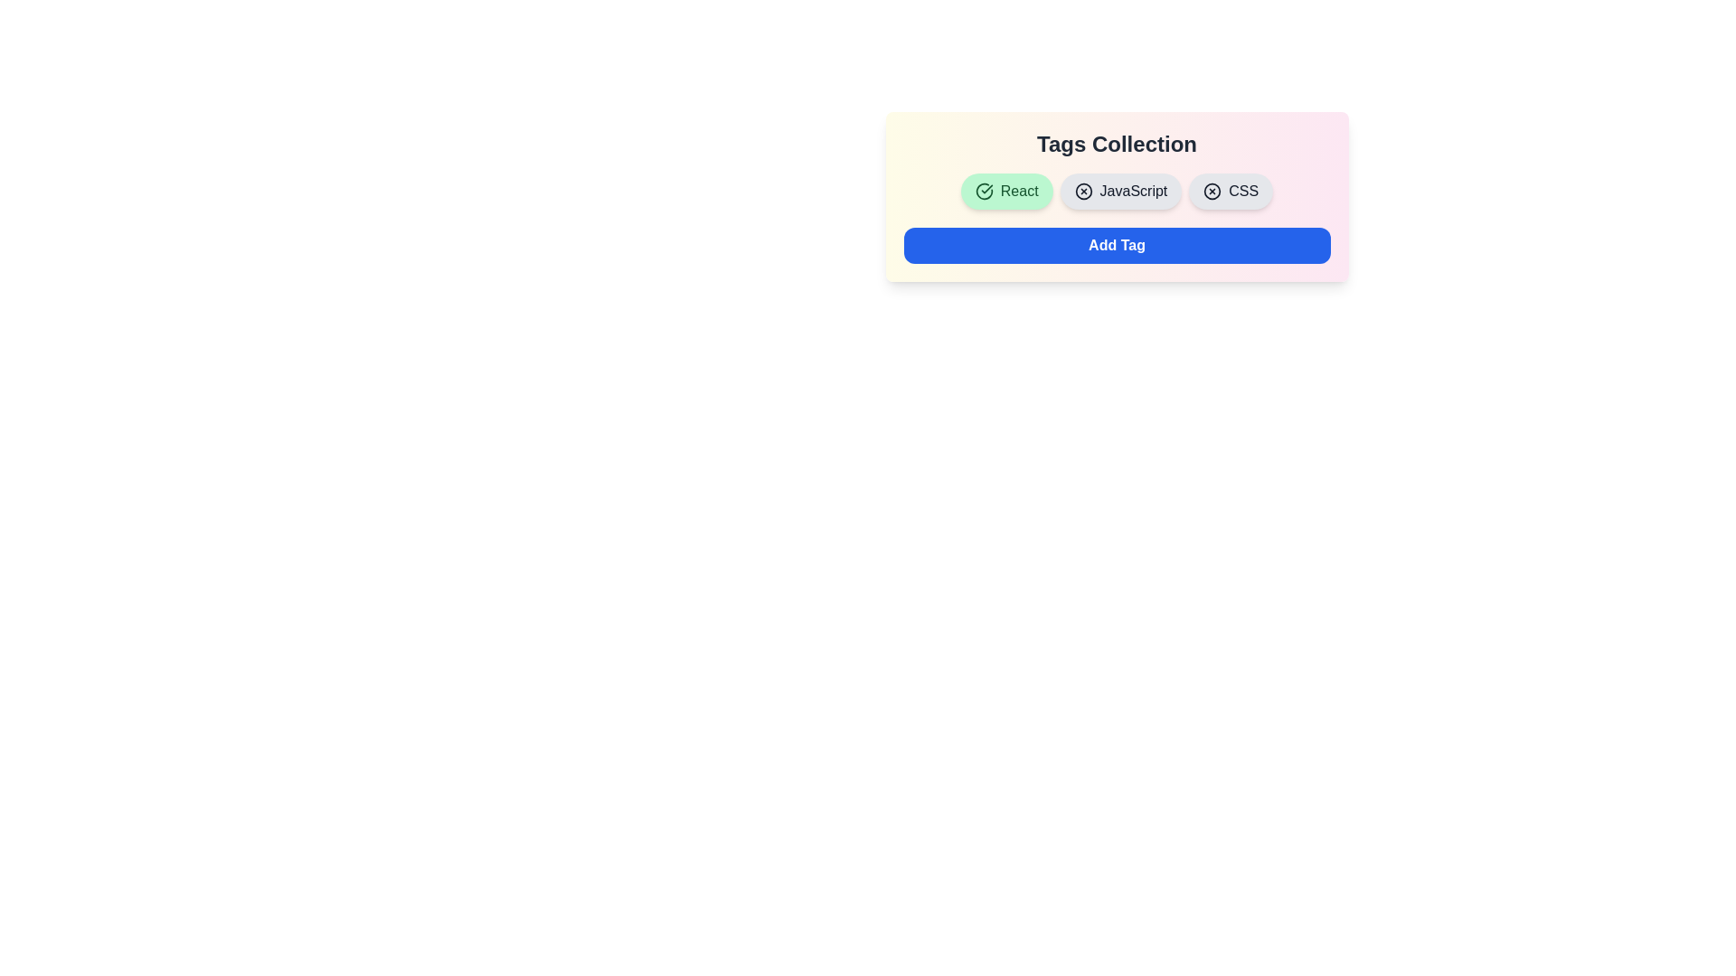  I want to click on the header text 'Tags Collection' to highlight it, so click(1116, 143).